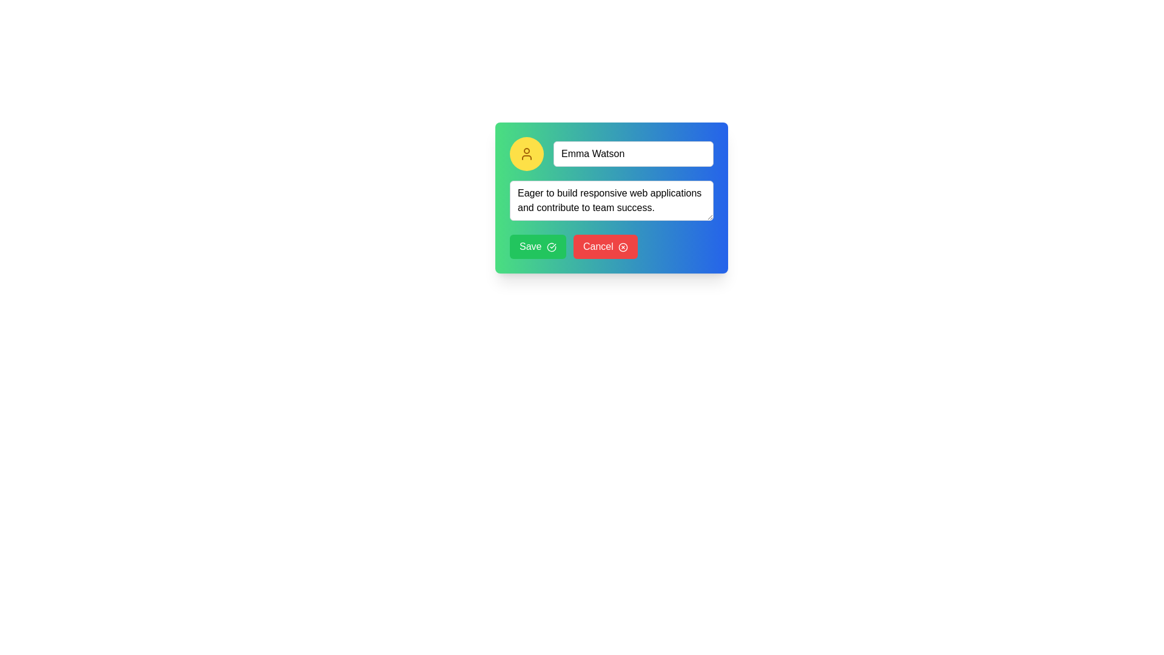  Describe the element at coordinates (550, 246) in the screenshot. I see `details associated with the visual confirmation icon that represents saving or confirming an action, located within the 'Save' button in the lower left section of the interface` at that location.